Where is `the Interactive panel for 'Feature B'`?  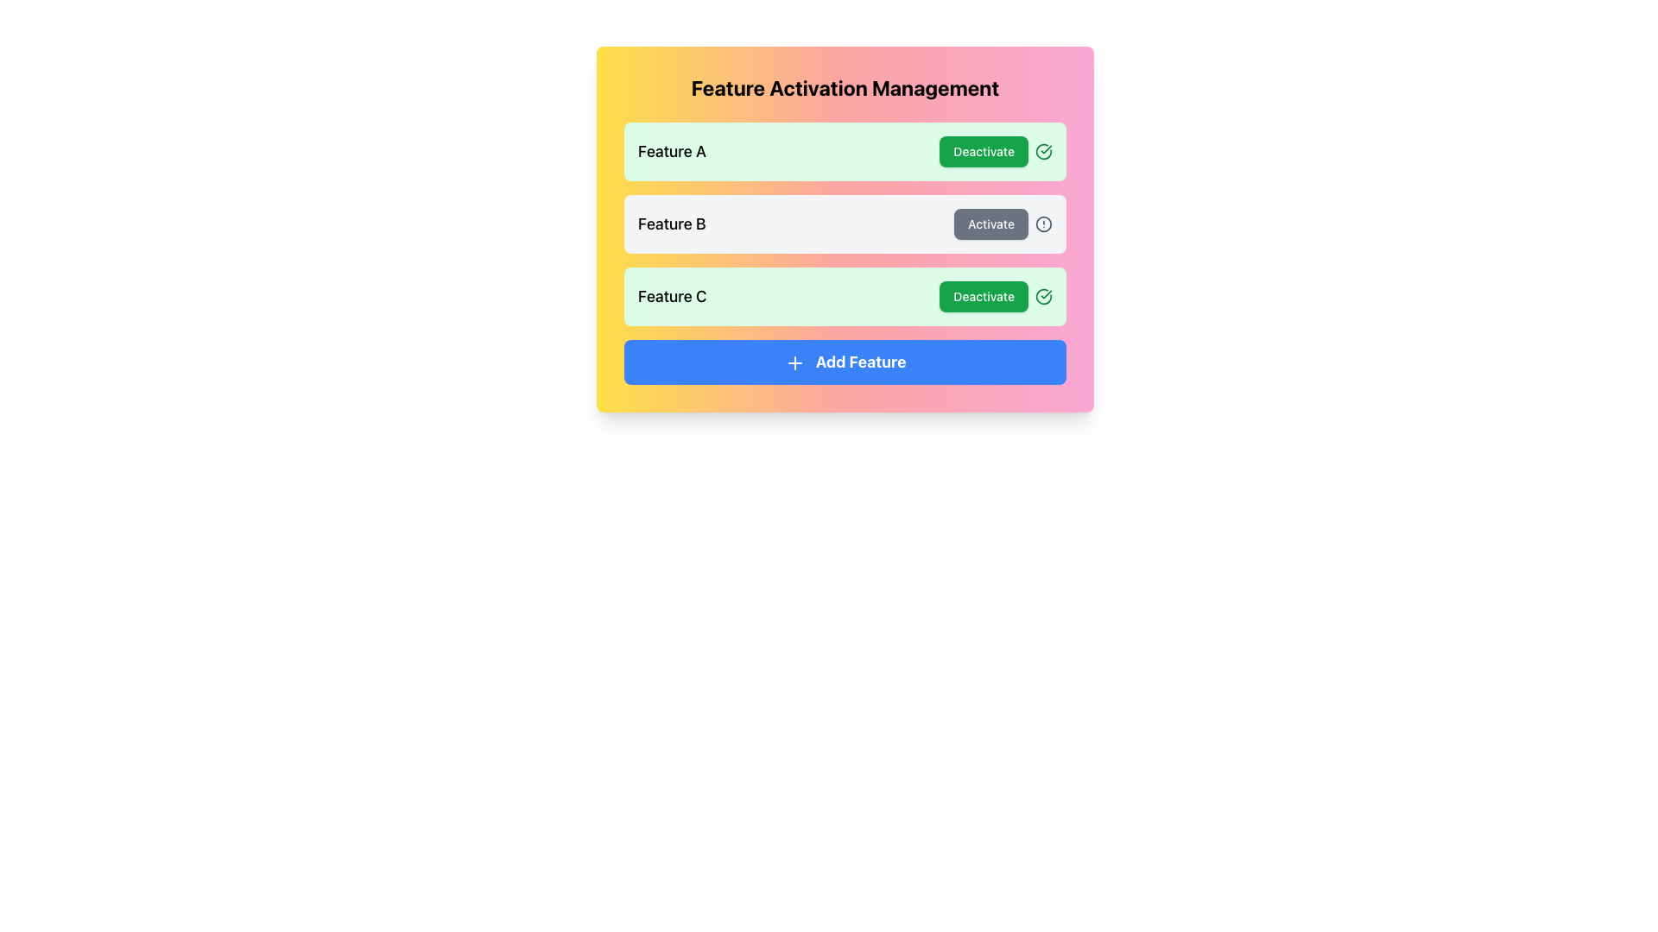 the Interactive panel for 'Feature B' is located at coordinates (845, 223).